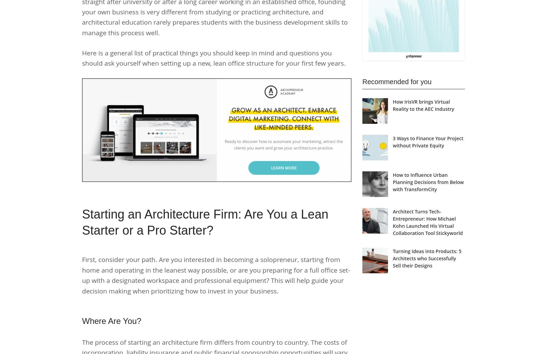 Image resolution: width=547 pixels, height=354 pixels. What do you see at coordinates (397, 81) in the screenshot?
I see `'Recommended for you'` at bounding box center [397, 81].